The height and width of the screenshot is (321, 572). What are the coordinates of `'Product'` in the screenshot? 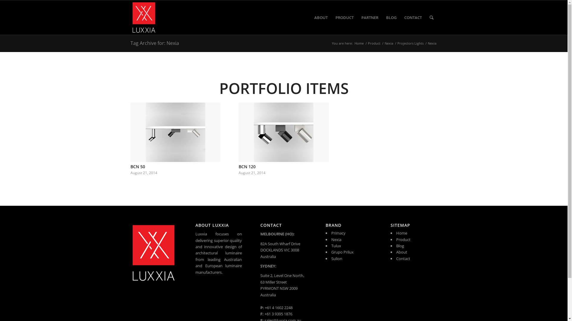 It's located at (374, 43).